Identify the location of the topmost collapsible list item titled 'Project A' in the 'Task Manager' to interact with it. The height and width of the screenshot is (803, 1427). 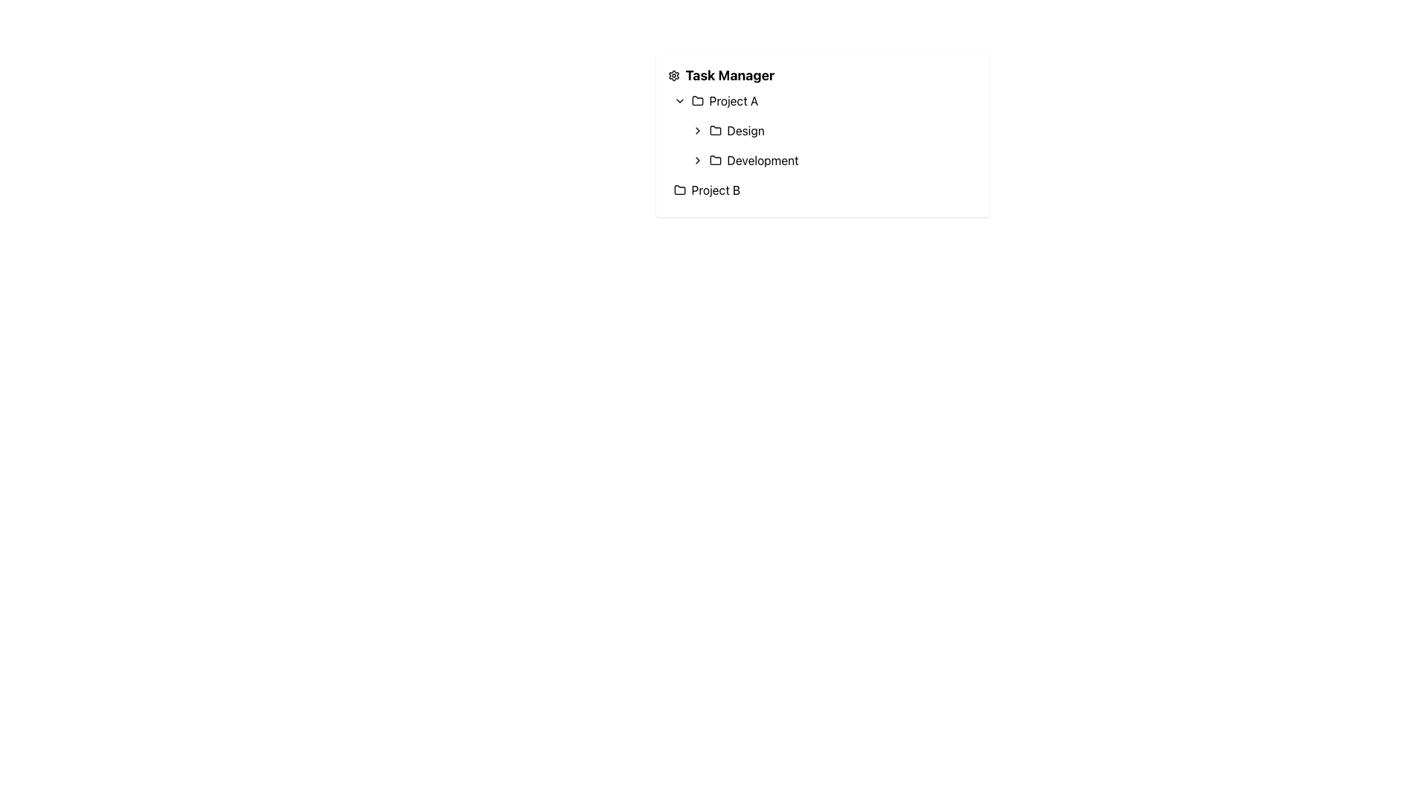
(821, 100).